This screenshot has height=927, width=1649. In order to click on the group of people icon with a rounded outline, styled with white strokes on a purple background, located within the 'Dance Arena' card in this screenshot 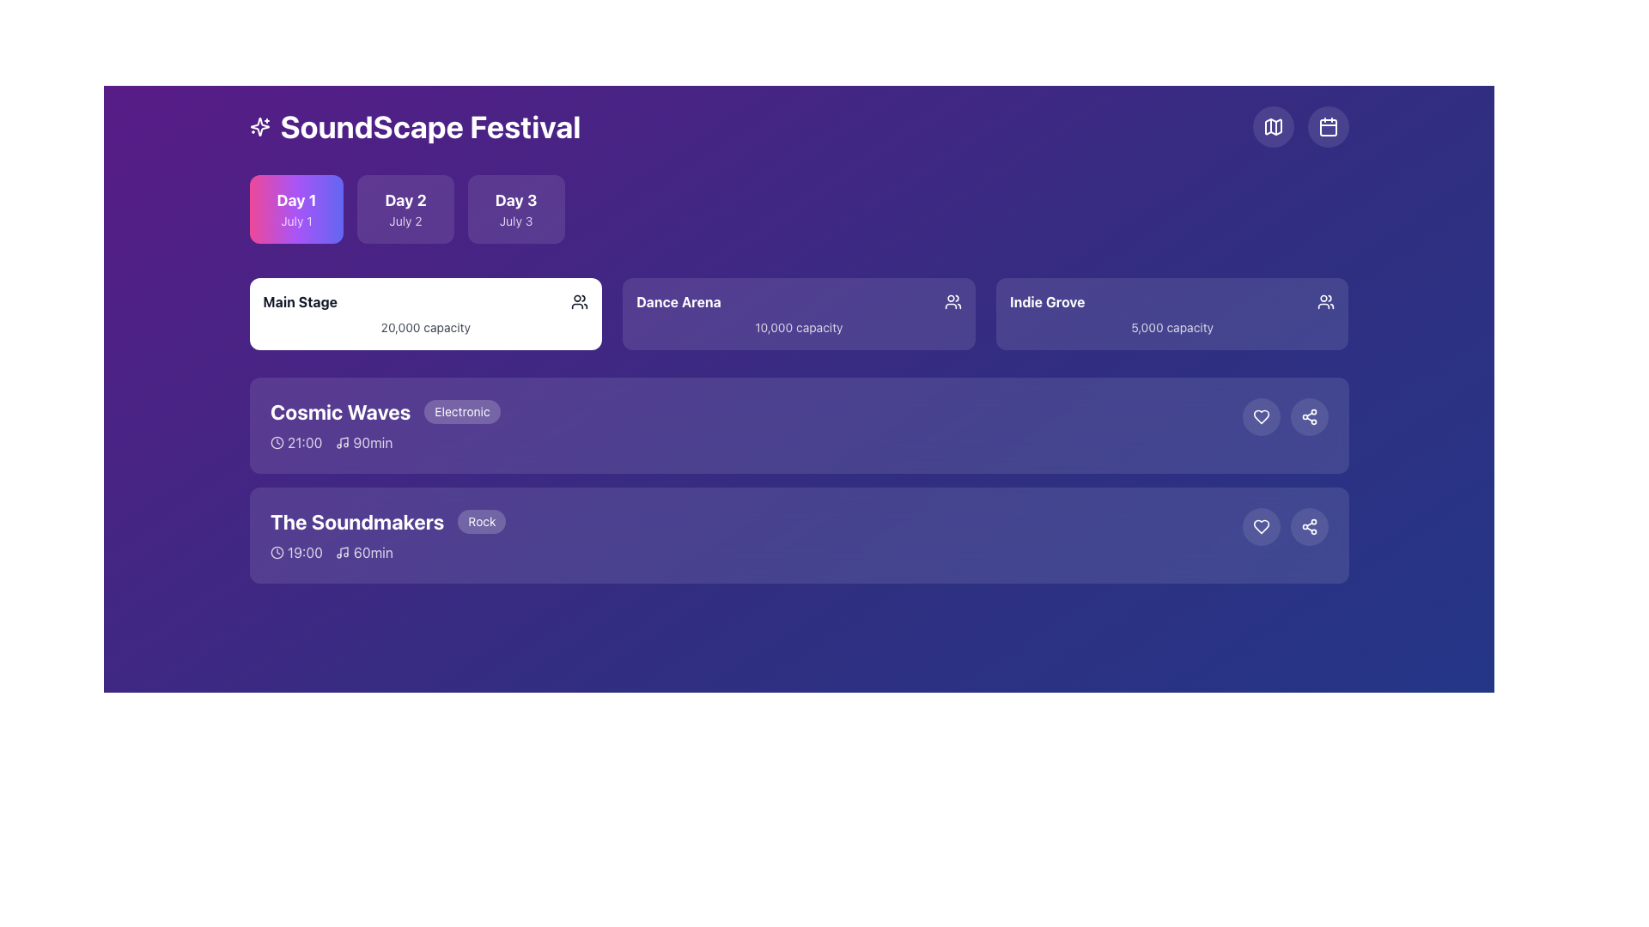, I will do `click(952, 300)`.